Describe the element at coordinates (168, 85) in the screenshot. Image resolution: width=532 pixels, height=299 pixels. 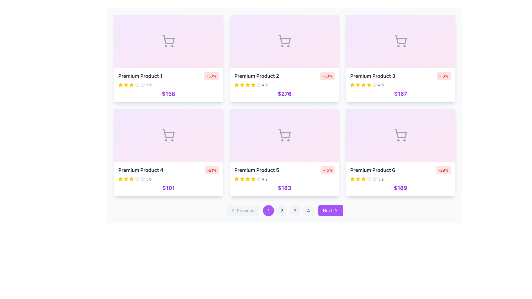
I see `the price of the product card located in the first column and second row of the product section to potentially add the item to a cart` at that location.